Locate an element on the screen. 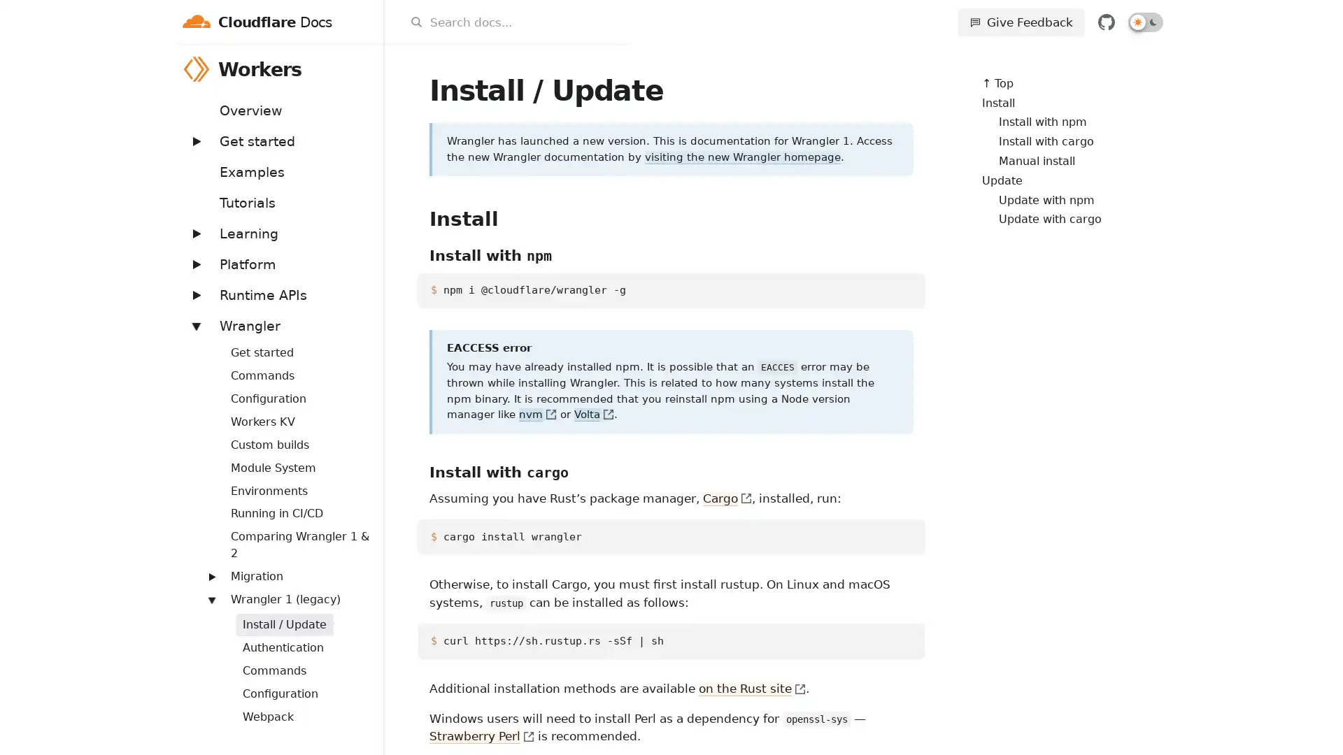 The width and height of the screenshot is (1343, 755). Expand: Workers Sites is located at coordinates (204, 636).